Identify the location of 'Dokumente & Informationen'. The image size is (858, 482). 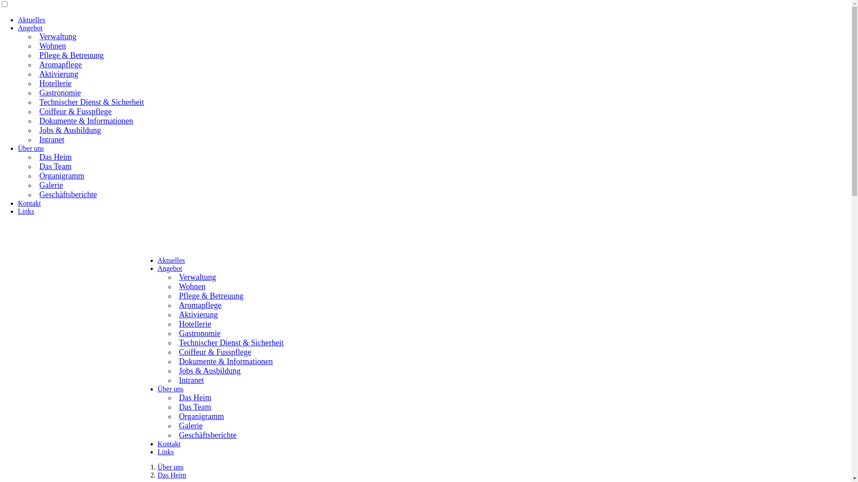
(225, 360).